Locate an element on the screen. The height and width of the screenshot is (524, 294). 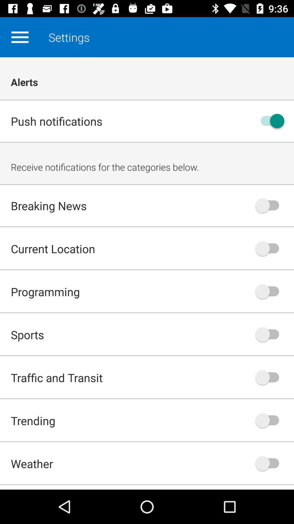
turn on trending notifications is located at coordinates (270, 420).